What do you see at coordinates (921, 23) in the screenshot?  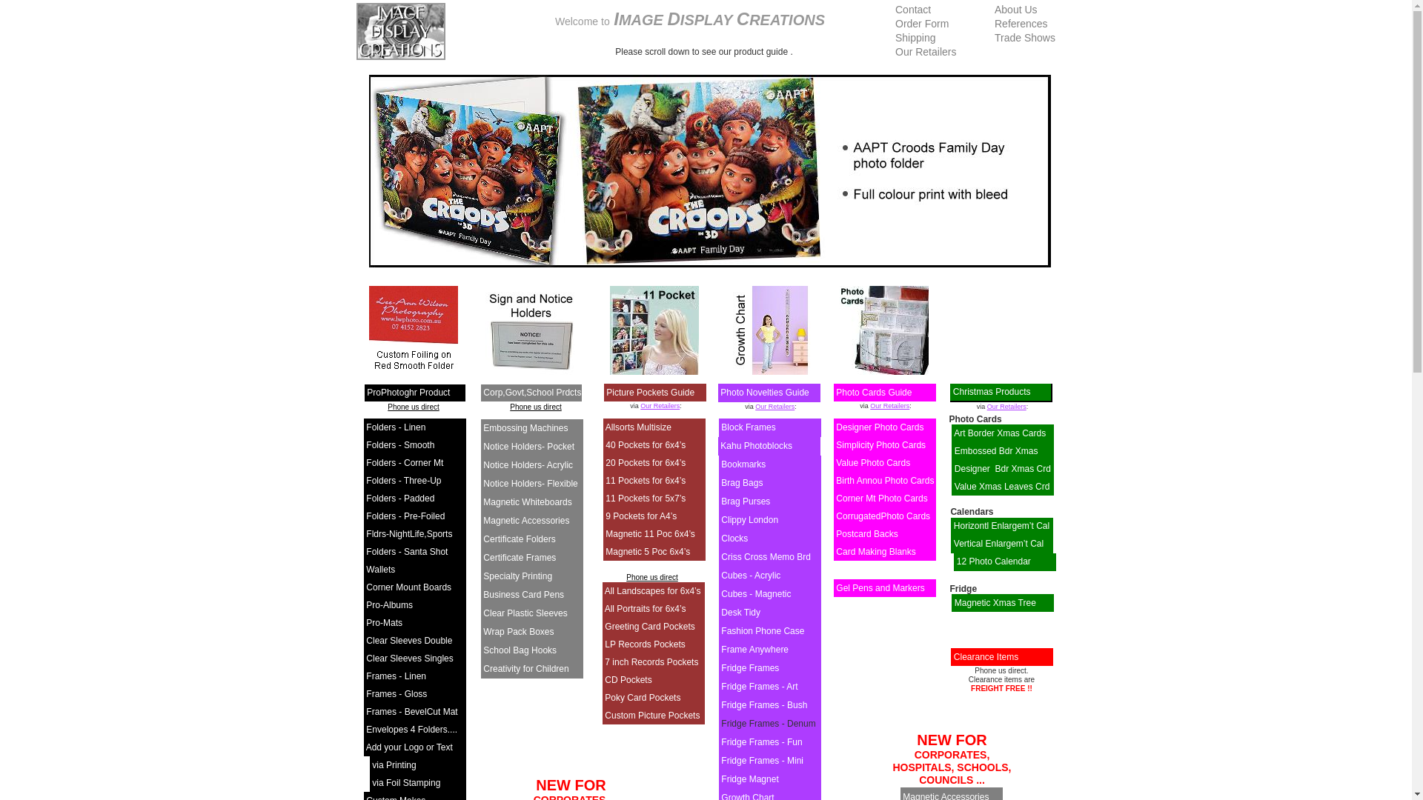 I see `'Order Form'` at bounding box center [921, 23].